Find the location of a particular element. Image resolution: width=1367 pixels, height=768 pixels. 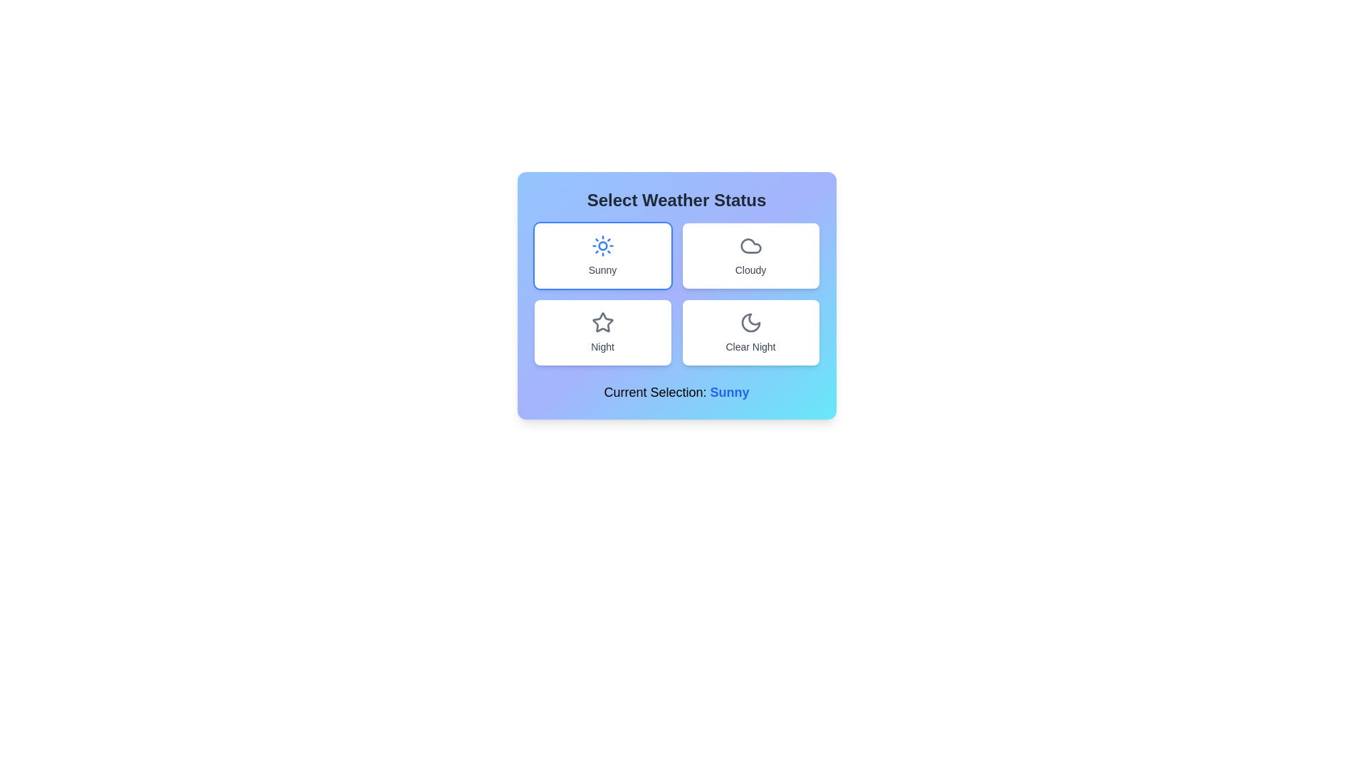

the text label displaying 'Night', which is centrally positioned below the star icon in the bottom-left quadrant of the interface is located at coordinates (602, 347).